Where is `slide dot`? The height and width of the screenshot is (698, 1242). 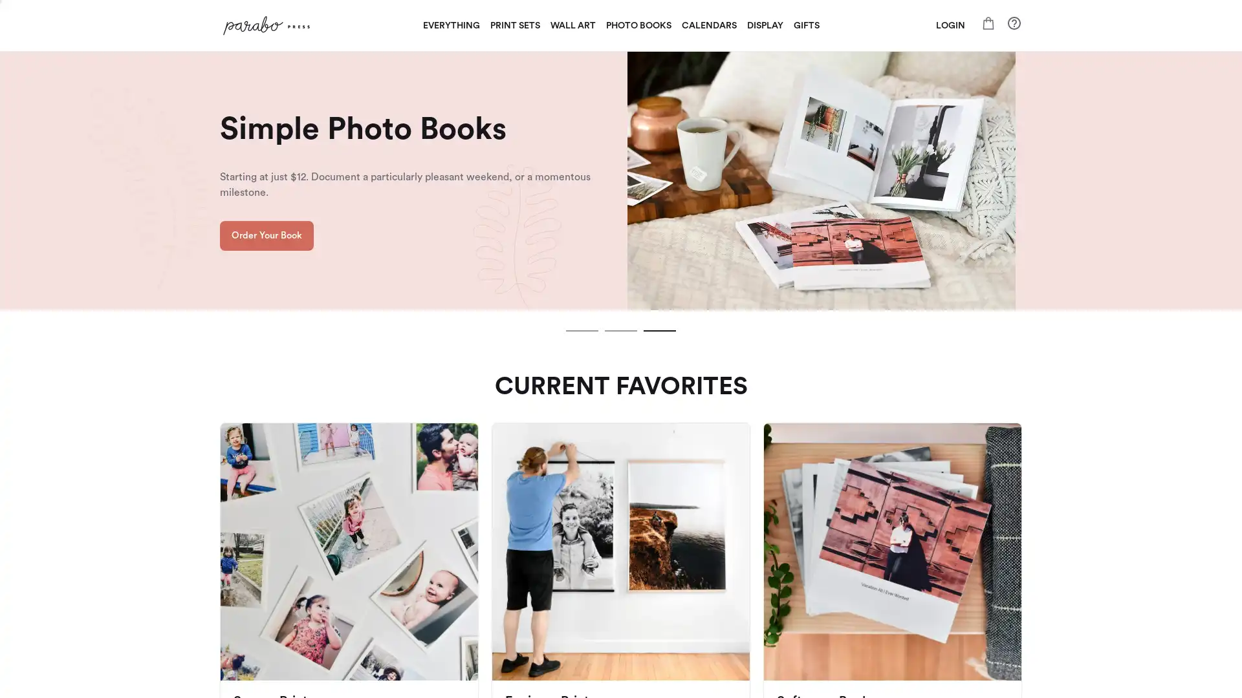
slide dot is located at coordinates (582, 330).